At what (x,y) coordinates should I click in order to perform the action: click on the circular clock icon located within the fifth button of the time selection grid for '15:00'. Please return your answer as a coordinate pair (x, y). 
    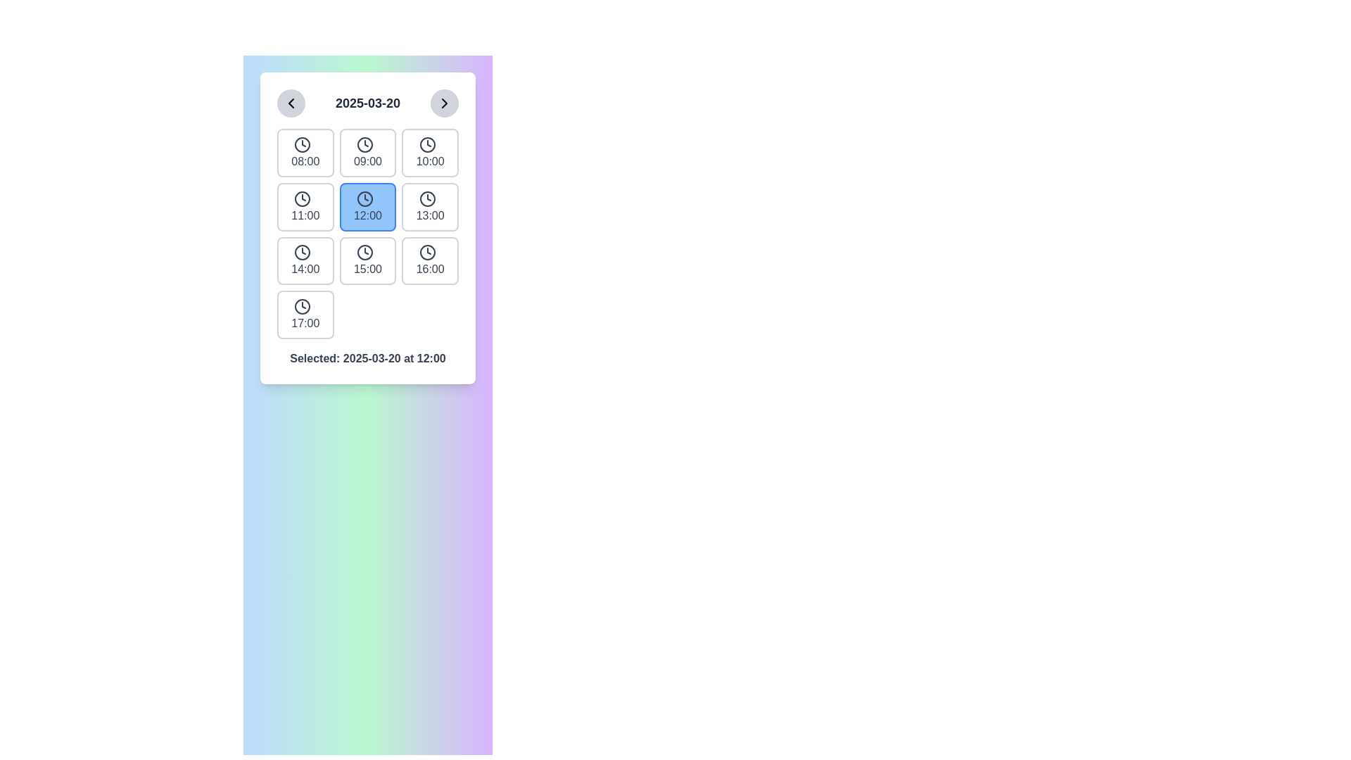
    Looking at the image, I should click on (364, 252).